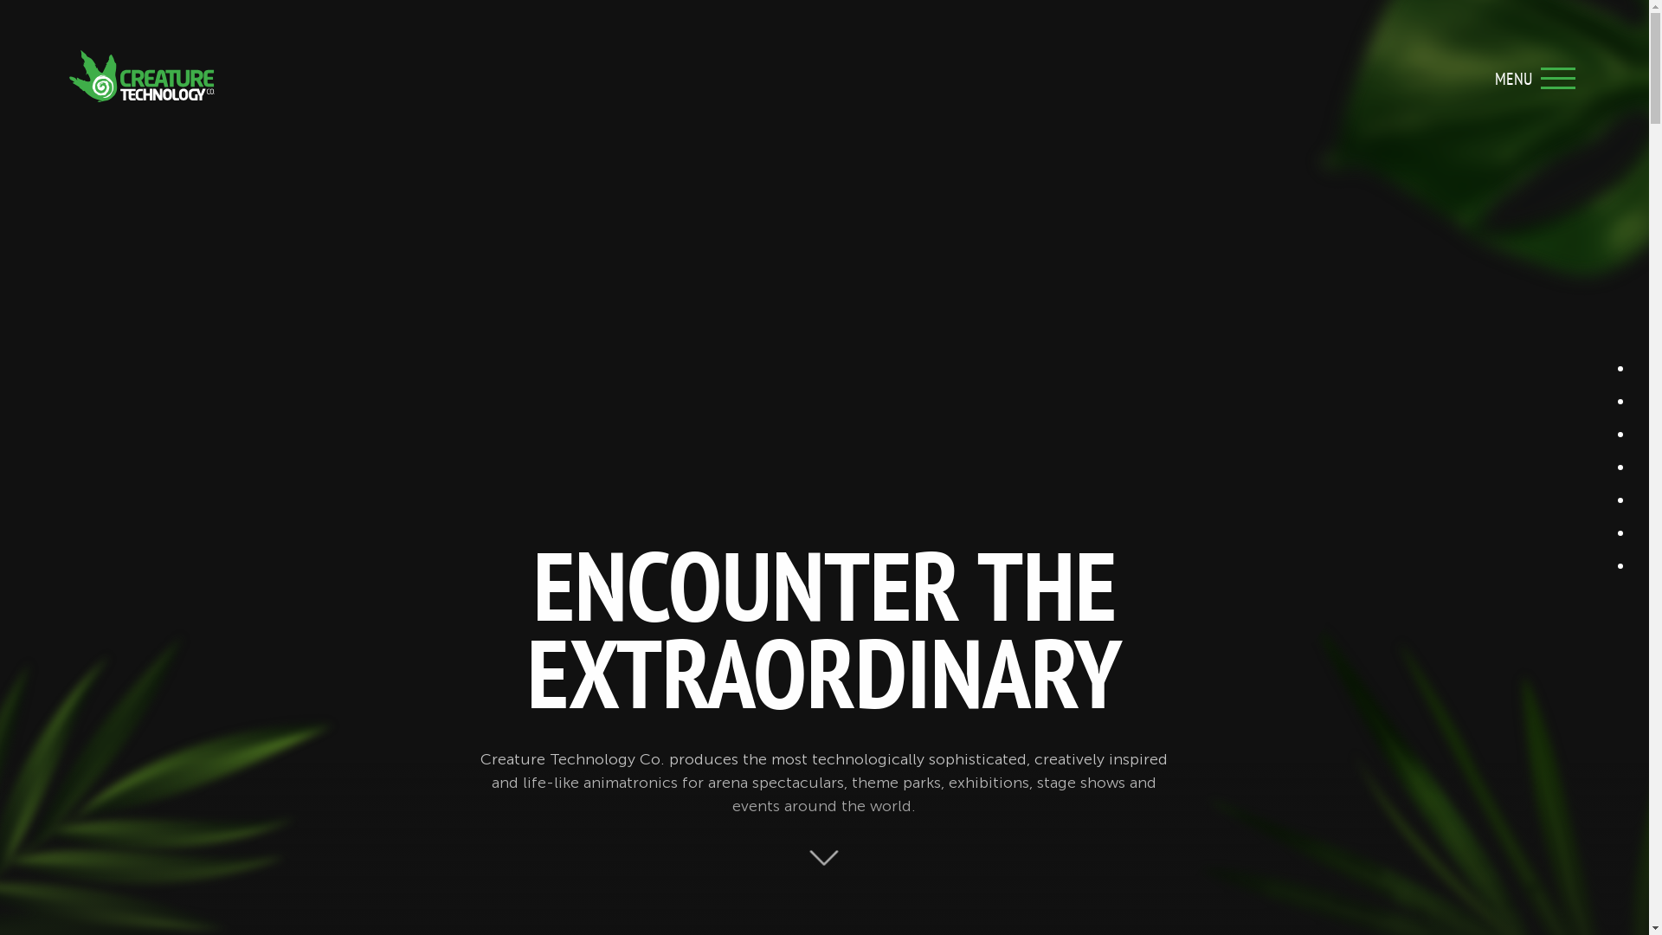 The image size is (1662, 935). I want to click on 'MENU', so click(1558, 76).